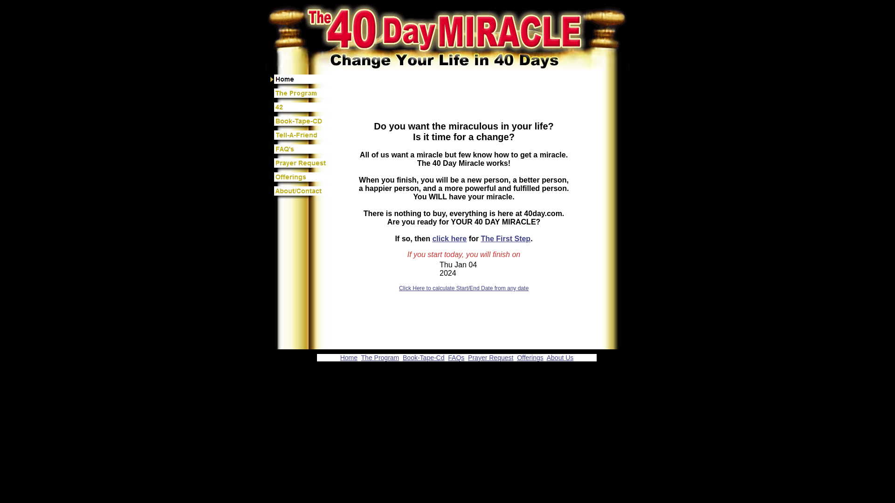 This screenshot has width=895, height=503. Describe the element at coordinates (456, 357) in the screenshot. I see `'FAQs'` at that location.